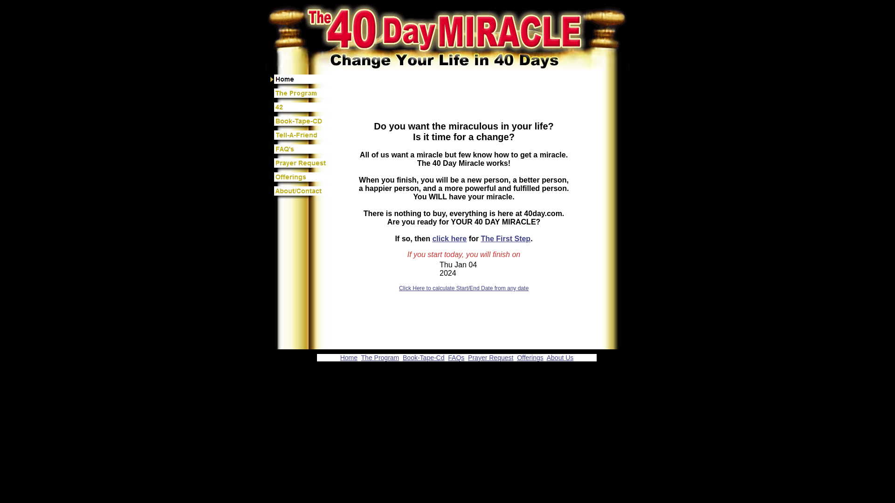 This screenshot has width=895, height=503. Describe the element at coordinates (456, 357) in the screenshot. I see `'FAQs'` at that location.